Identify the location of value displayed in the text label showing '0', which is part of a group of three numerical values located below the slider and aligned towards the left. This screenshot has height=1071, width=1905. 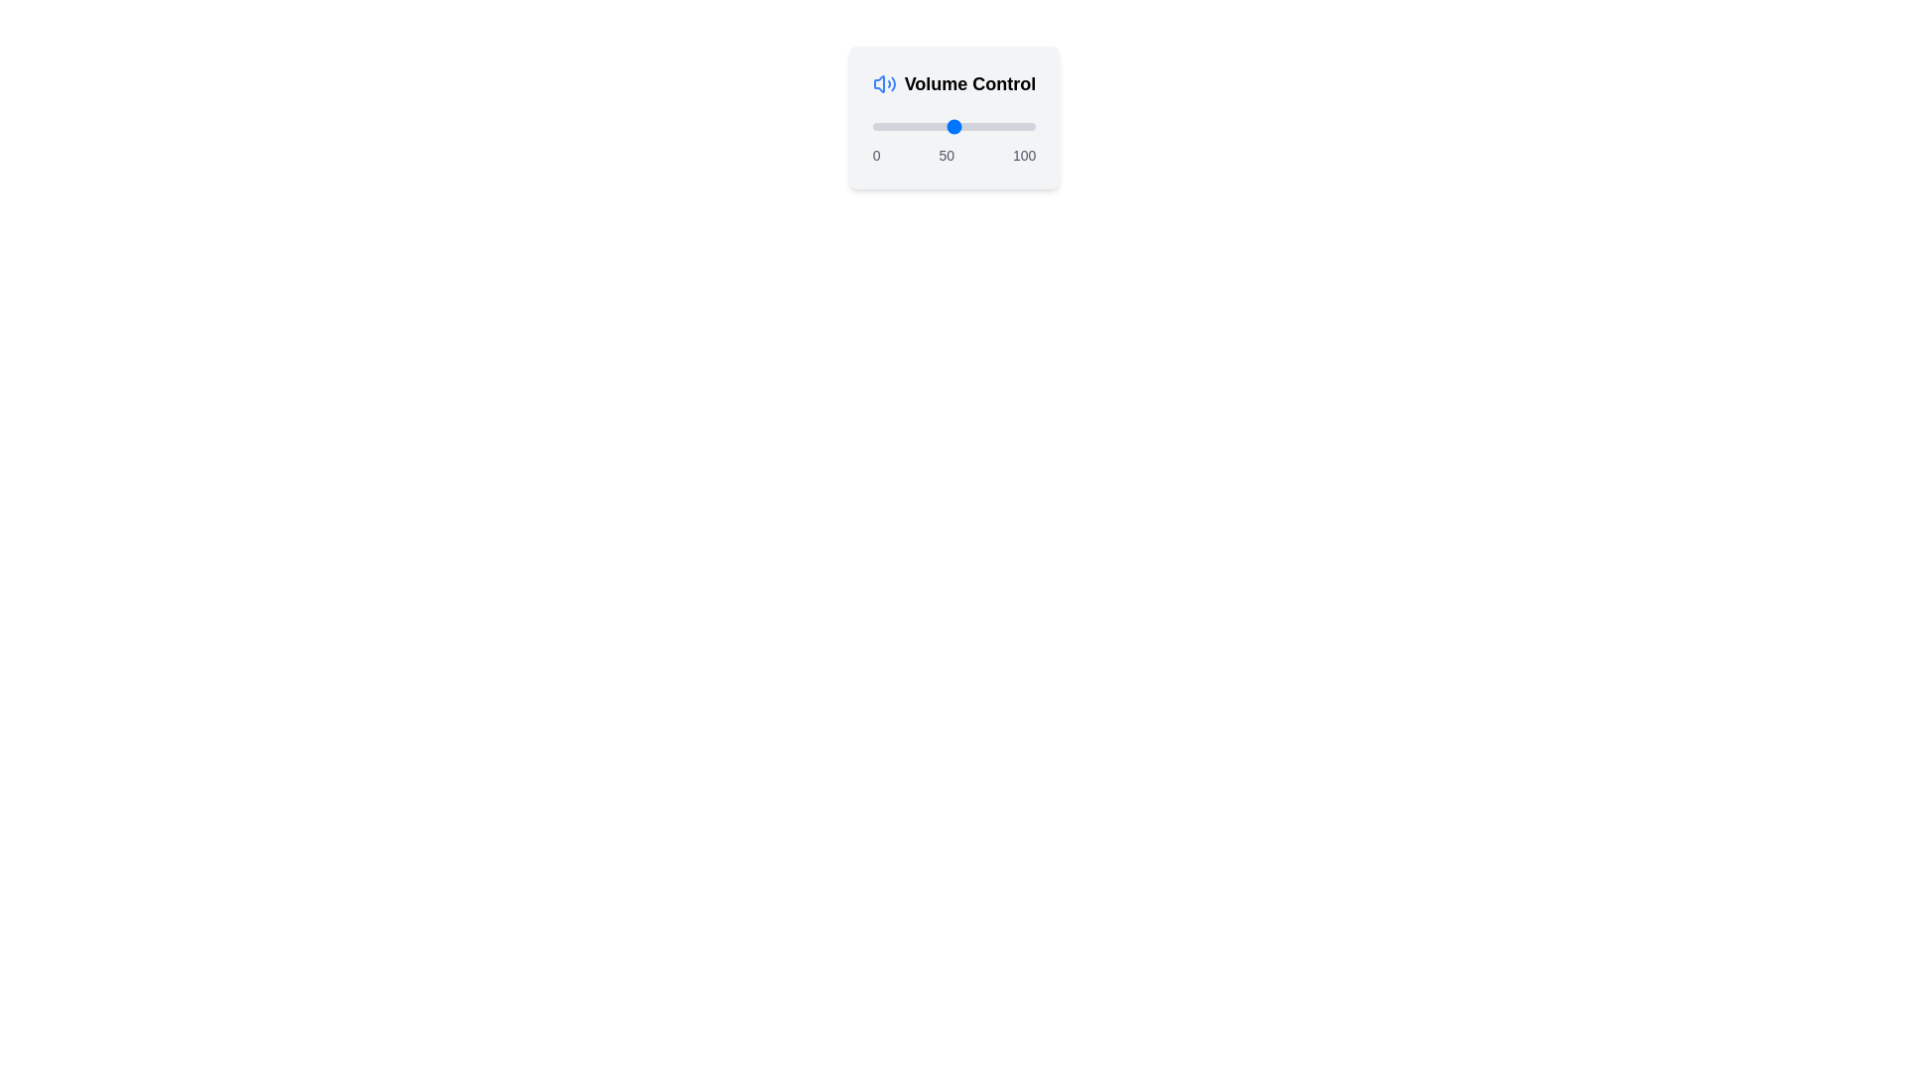
(875, 155).